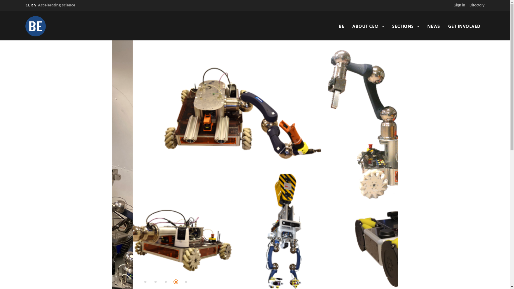  I want to click on 'ABOUT CEM', so click(352, 26).